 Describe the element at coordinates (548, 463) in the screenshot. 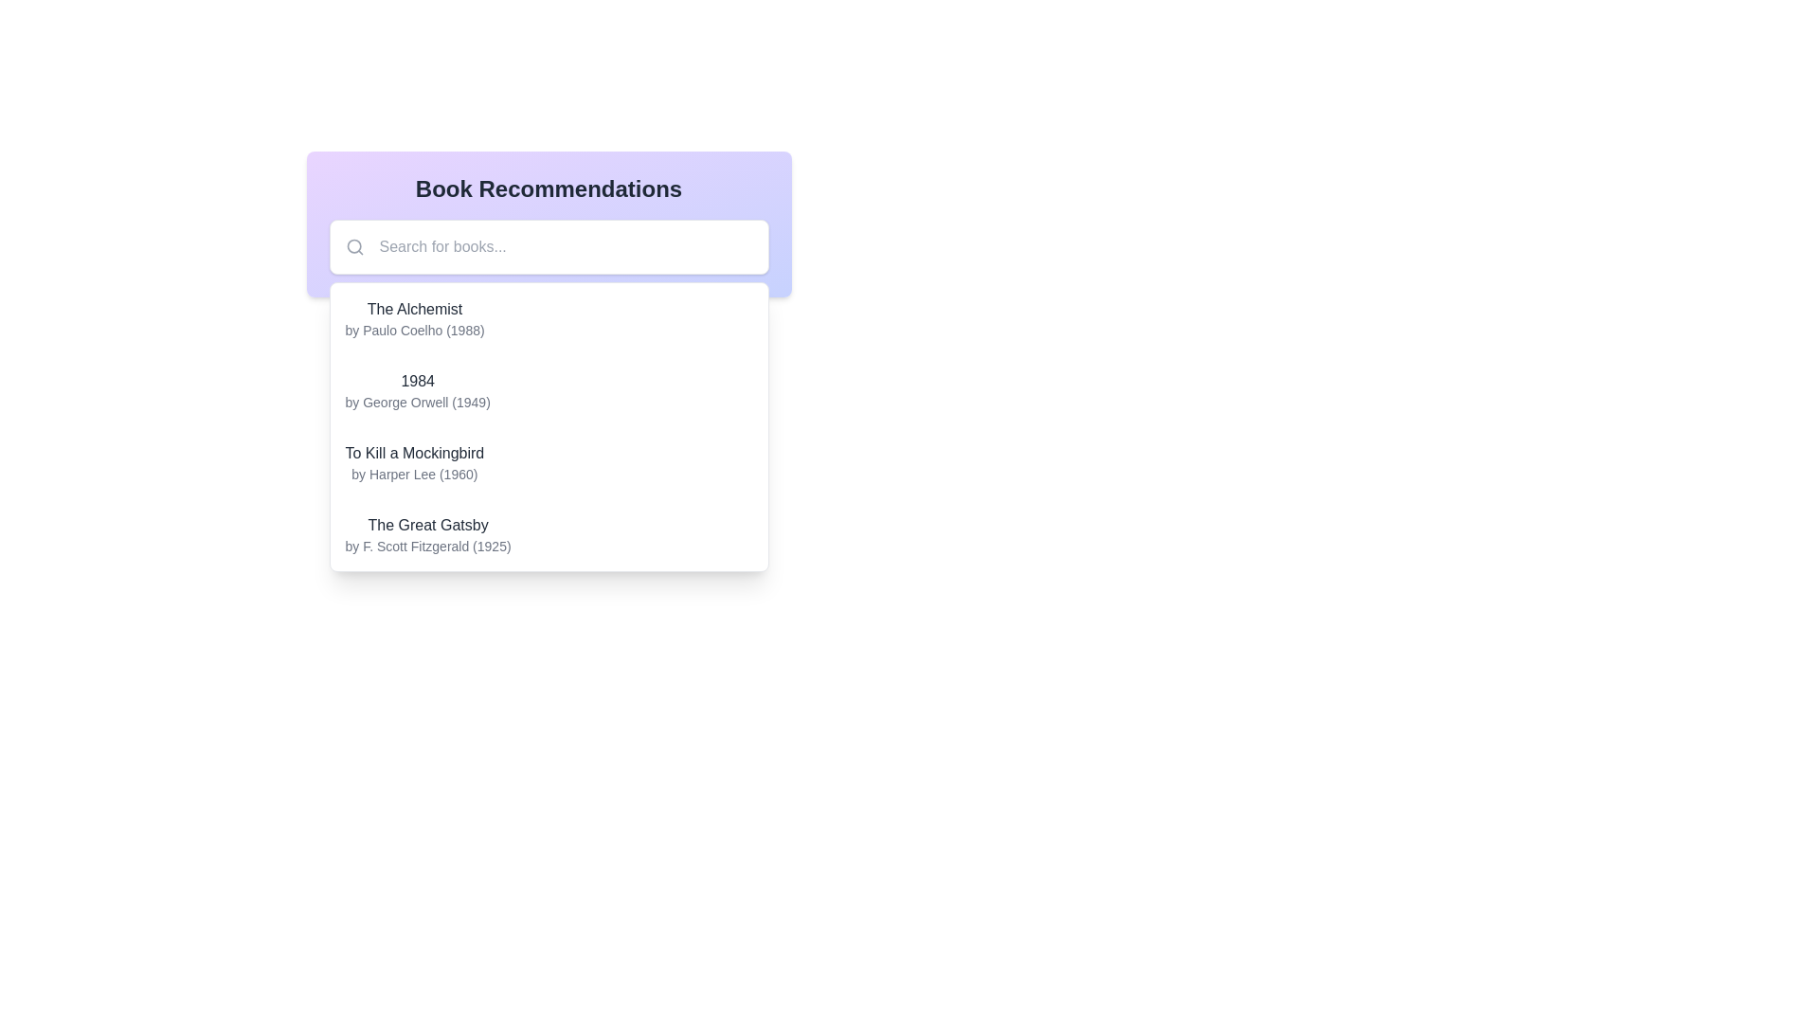

I see `the third selectable list item that presents book title and author details, located between '1984' by George Orwell and 'The Great Gatsby' by F. Scott Fitzgerald` at that location.